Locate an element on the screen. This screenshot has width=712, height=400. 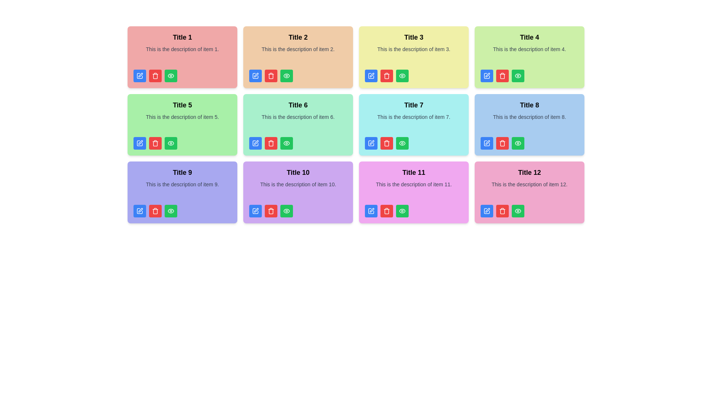
the blue button with a stylized pen icon in the bottom-left segment of the 'Title 11' card is located at coordinates (371, 211).